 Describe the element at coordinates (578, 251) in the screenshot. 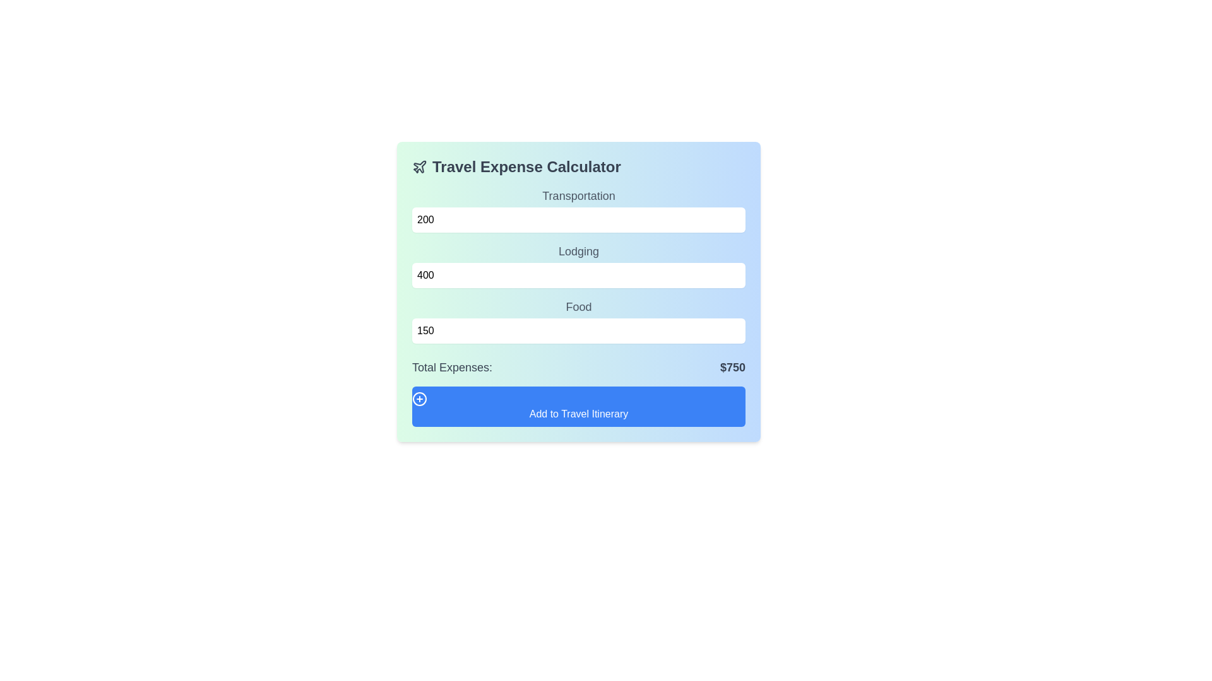

I see `the descriptive text label that provides context to the adjacent input field, positioned directly above a number input field with a value of '400'` at that location.